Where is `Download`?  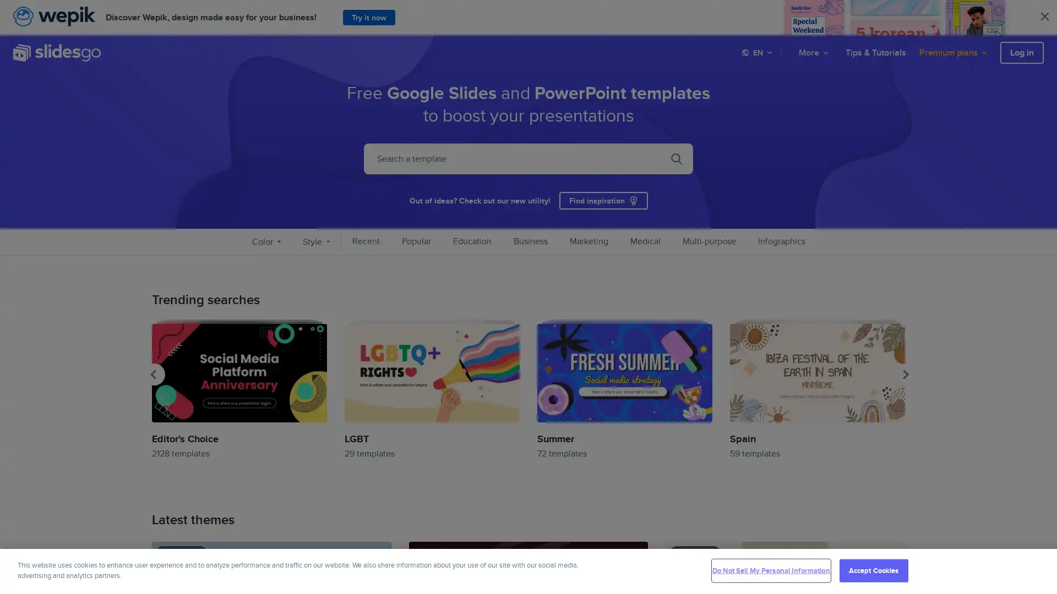 Download is located at coordinates (893, 570).